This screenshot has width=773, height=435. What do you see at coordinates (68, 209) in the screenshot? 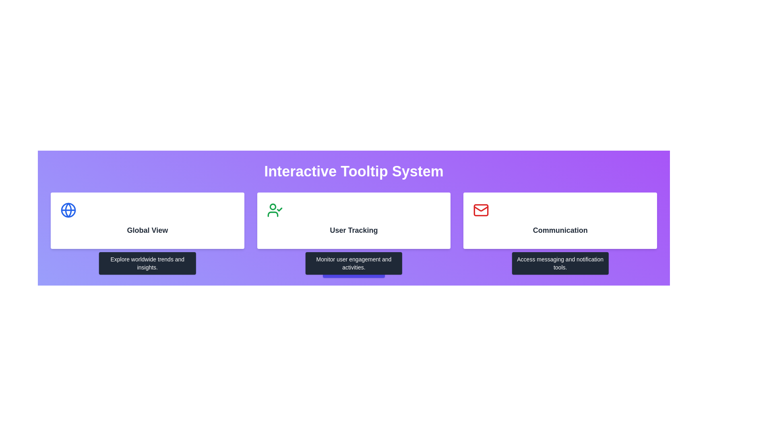
I see `the blue globe icon with longitude and latitude lines located on the white card titled 'Global View' at the top-left corner` at bounding box center [68, 209].